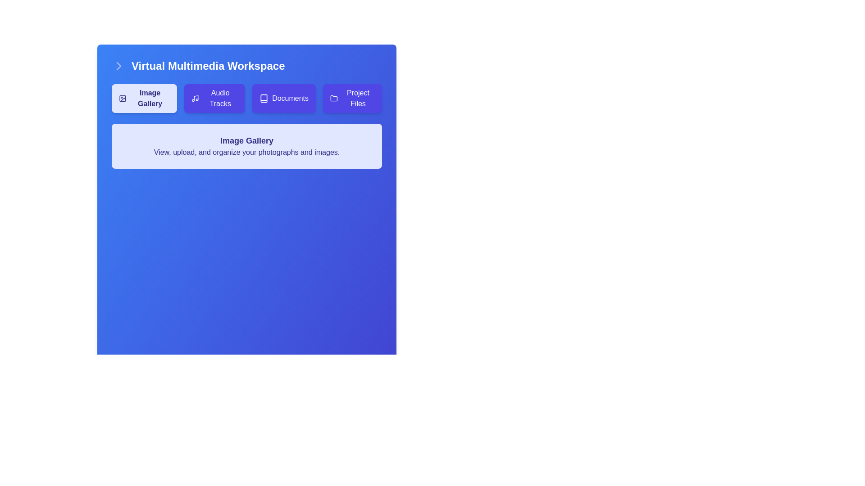 The image size is (865, 486). I want to click on the rectangular shape with rounded edges located in the top-left corner of the 'Image Gallery' button, which is part of an SVG icon next to the 'Image Gallery' text label, so click(122, 99).